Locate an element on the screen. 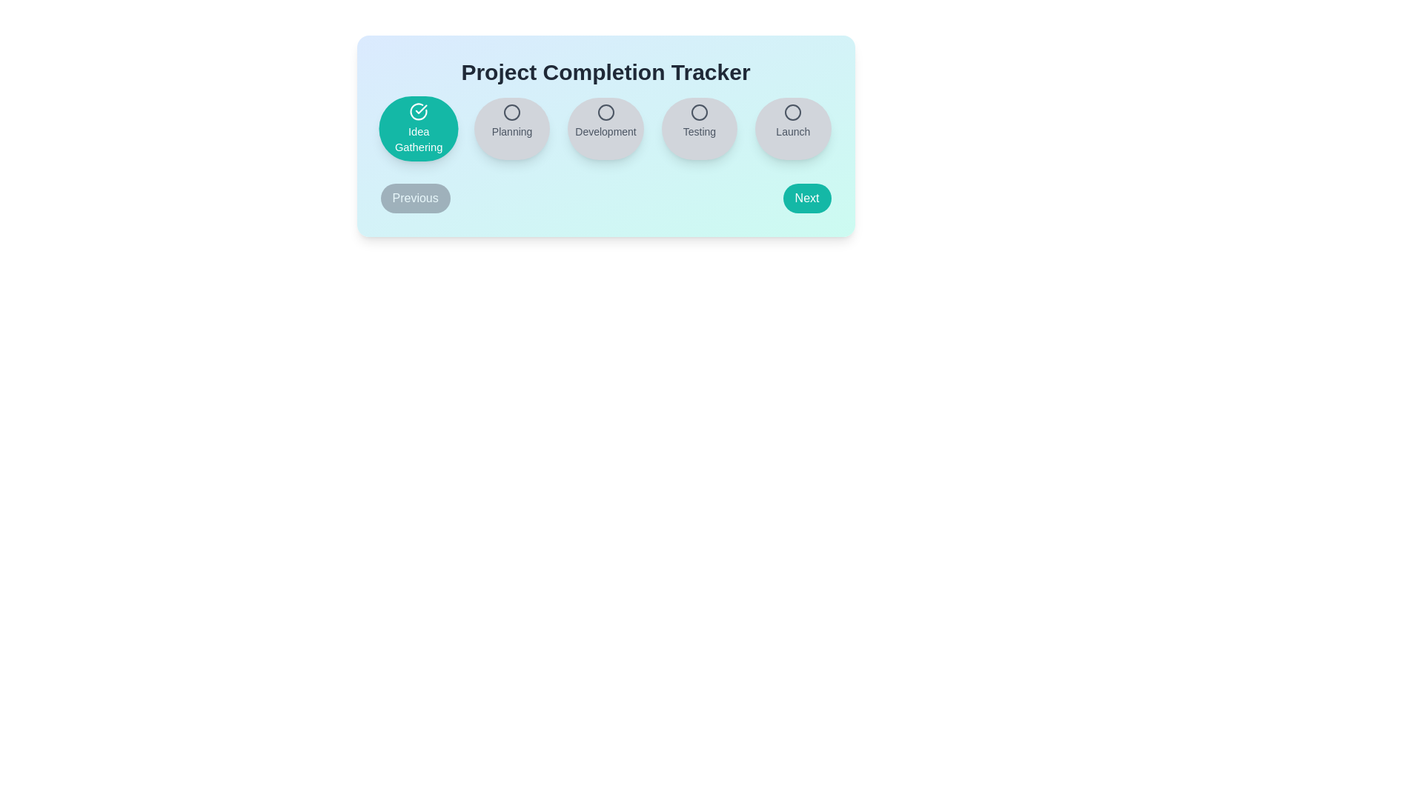 The image size is (1423, 800). the circular stage button in the Project Completion Tracker navigation bar is located at coordinates (606, 127).